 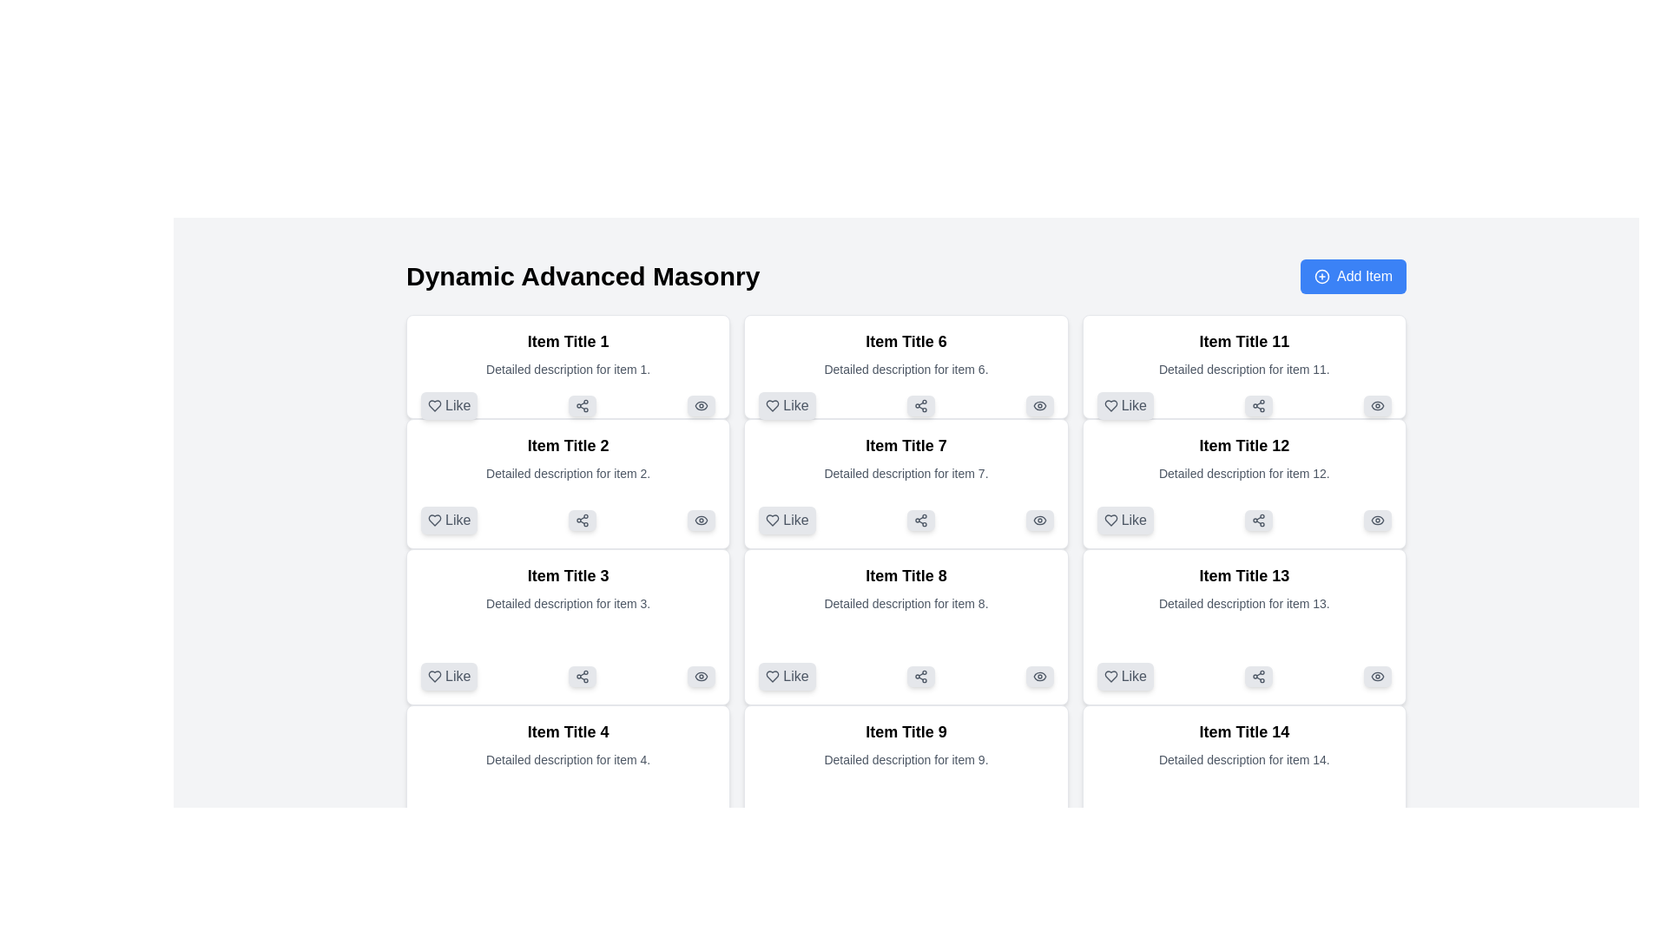 What do you see at coordinates (1039, 520) in the screenshot?
I see `eye icon associated with the 'View' or 'Visibility' toggle functionality located inside the 'Item Title 7' card in the second column and second row of the grid` at bounding box center [1039, 520].